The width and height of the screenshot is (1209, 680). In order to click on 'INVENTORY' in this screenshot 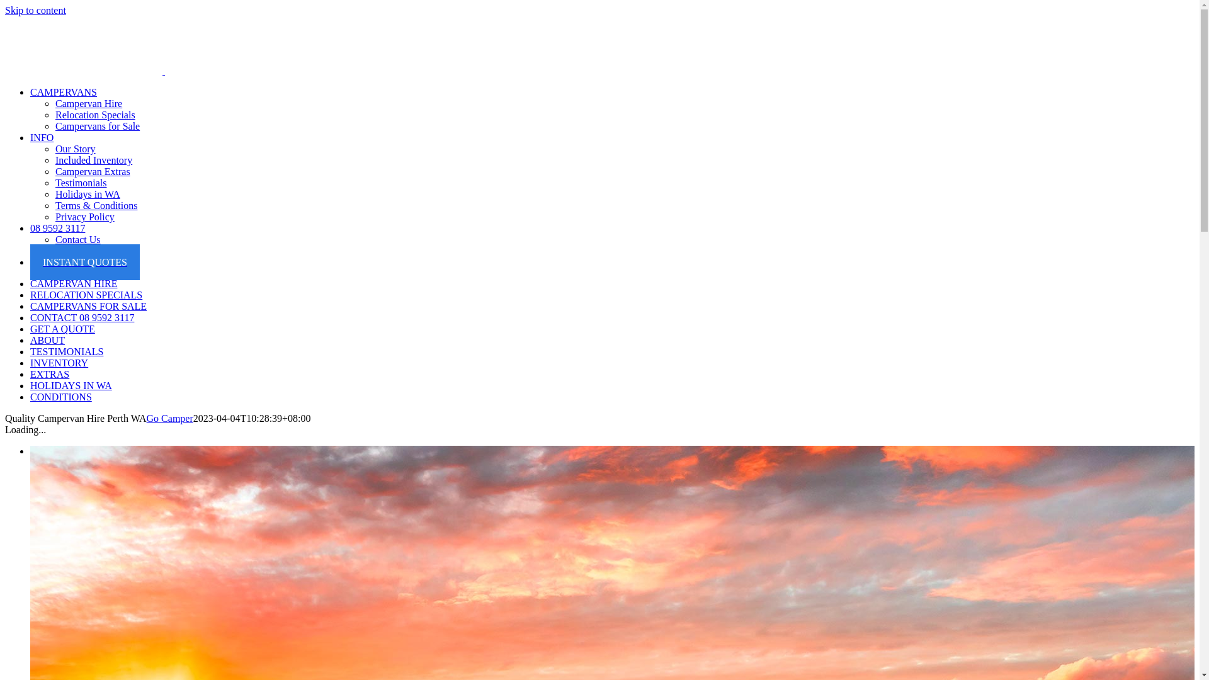, I will do `click(30, 363)`.